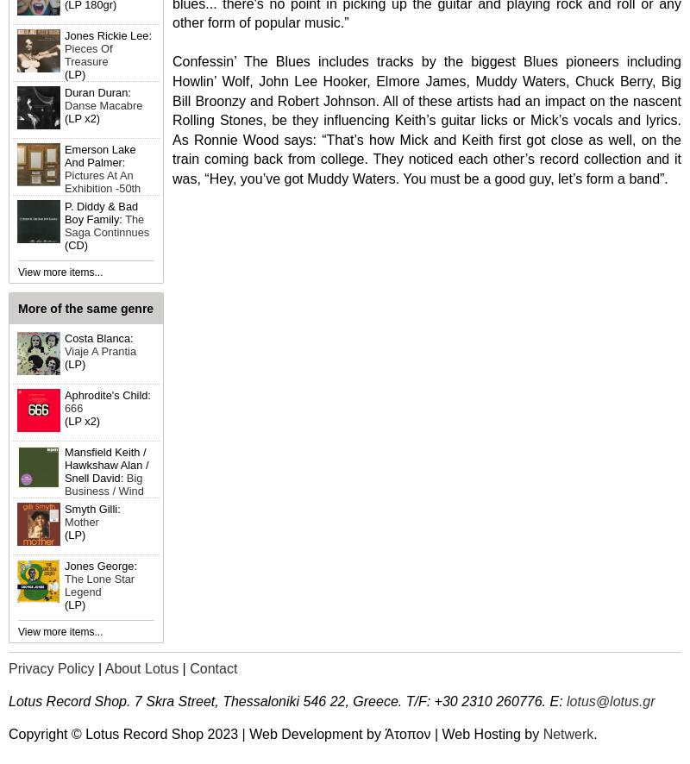  I want to click on 'Privacy Policy', so click(9, 667).